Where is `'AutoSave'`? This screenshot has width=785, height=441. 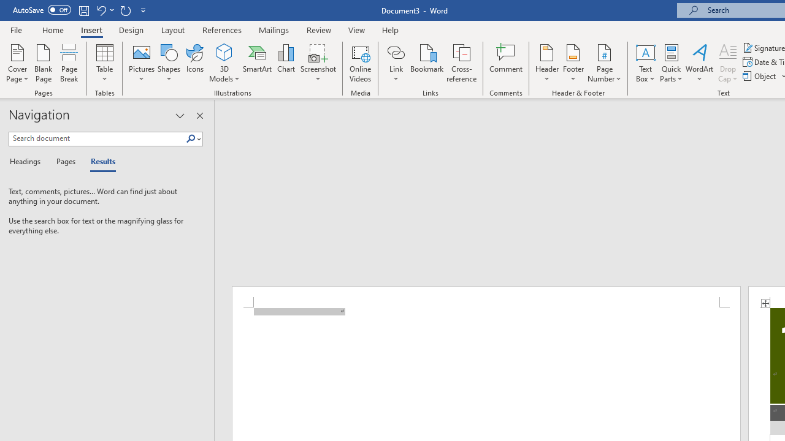
'AutoSave' is located at coordinates (42, 10).